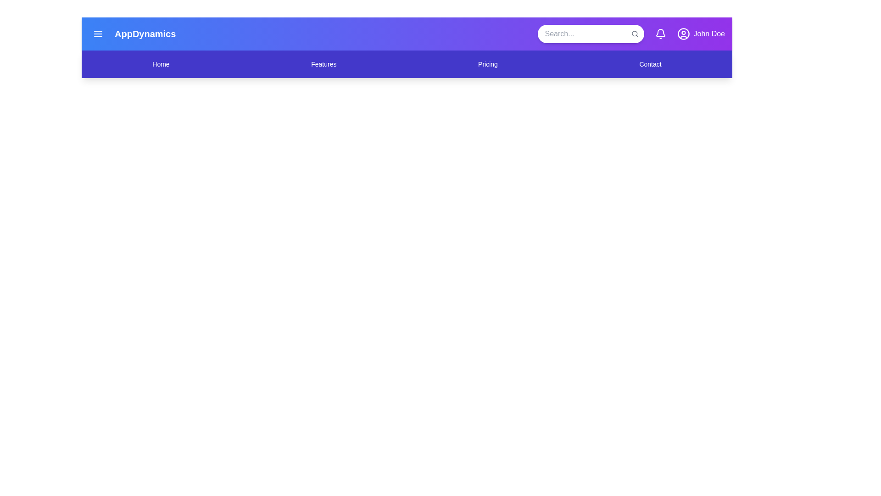  Describe the element at coordinates (660, 33) in the screenshot. I see `the bell icon to view notifications` at that location.